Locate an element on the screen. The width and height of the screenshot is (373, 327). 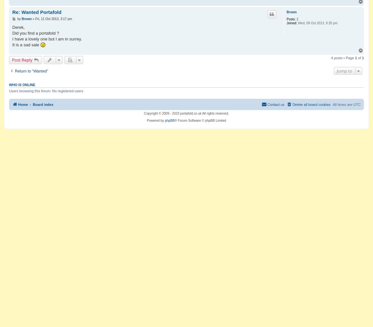
'2' is located at coordinates (297, 19).